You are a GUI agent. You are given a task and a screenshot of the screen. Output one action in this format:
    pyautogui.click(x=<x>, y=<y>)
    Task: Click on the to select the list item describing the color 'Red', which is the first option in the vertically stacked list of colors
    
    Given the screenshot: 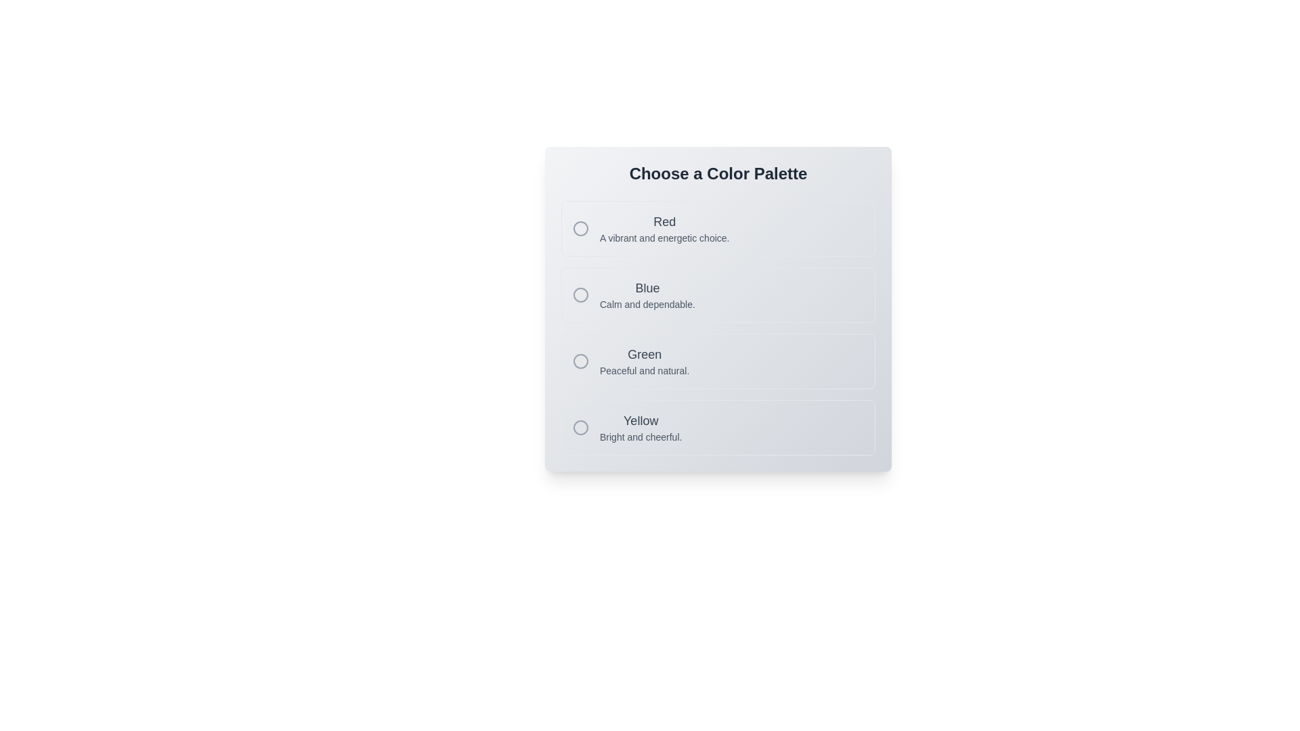 What is the action you would take?
    pyautogui.click(x=664, y=228)
    